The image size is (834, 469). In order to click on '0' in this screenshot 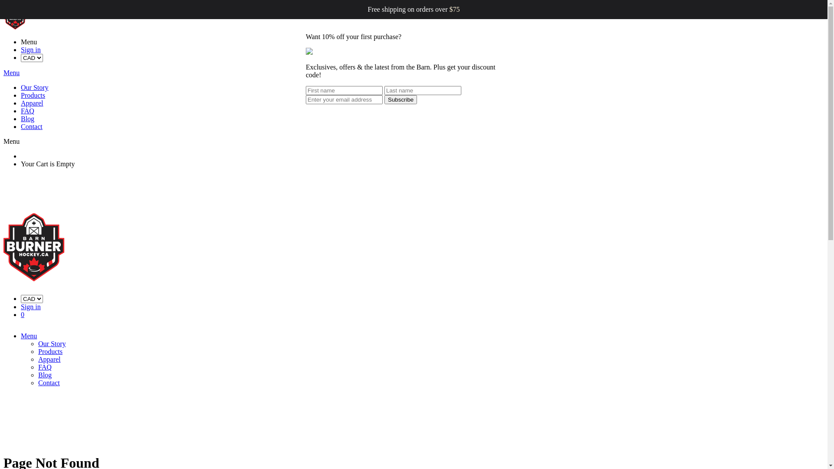, I will do `click(23, 314)`.